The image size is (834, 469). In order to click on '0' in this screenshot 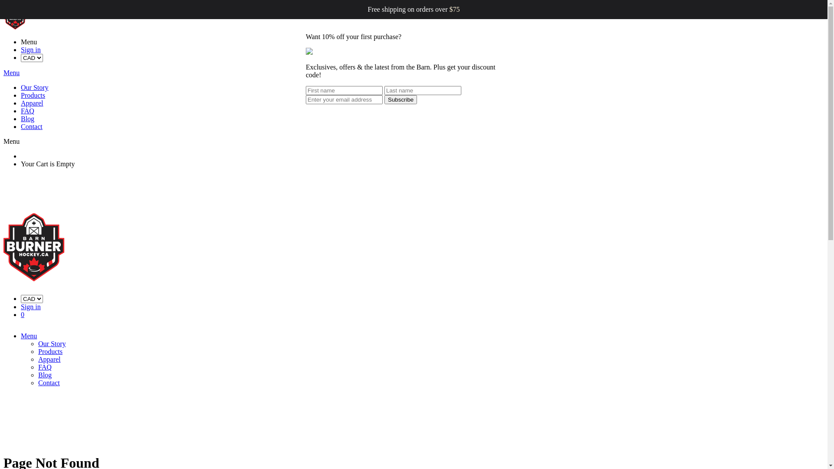, I will do `click(23, 314)`.